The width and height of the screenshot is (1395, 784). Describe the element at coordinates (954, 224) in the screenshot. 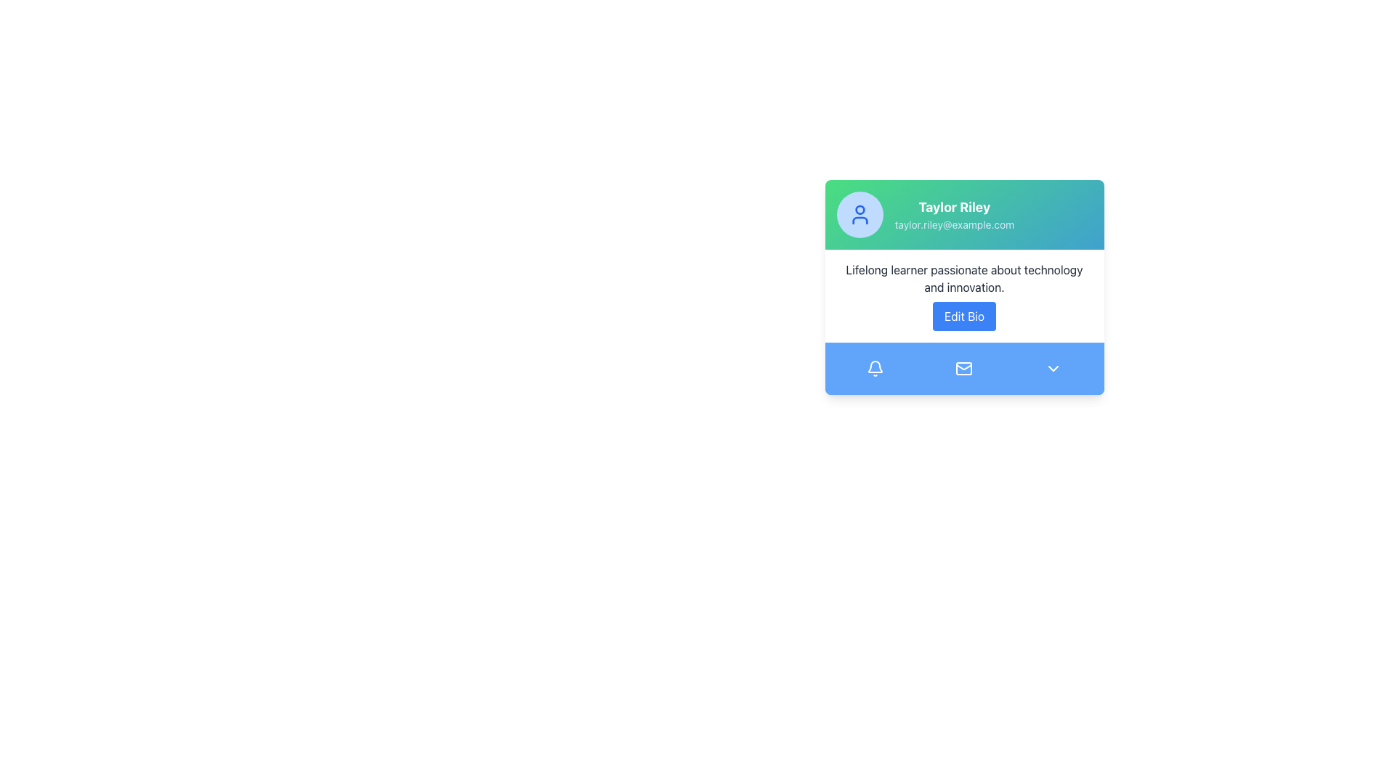

I see `the text label displaying the email address 'taylor.riley@example.com', which is styled in light blue and positioned below the name 'Taylor Riley' in the profile card layout` at that location.